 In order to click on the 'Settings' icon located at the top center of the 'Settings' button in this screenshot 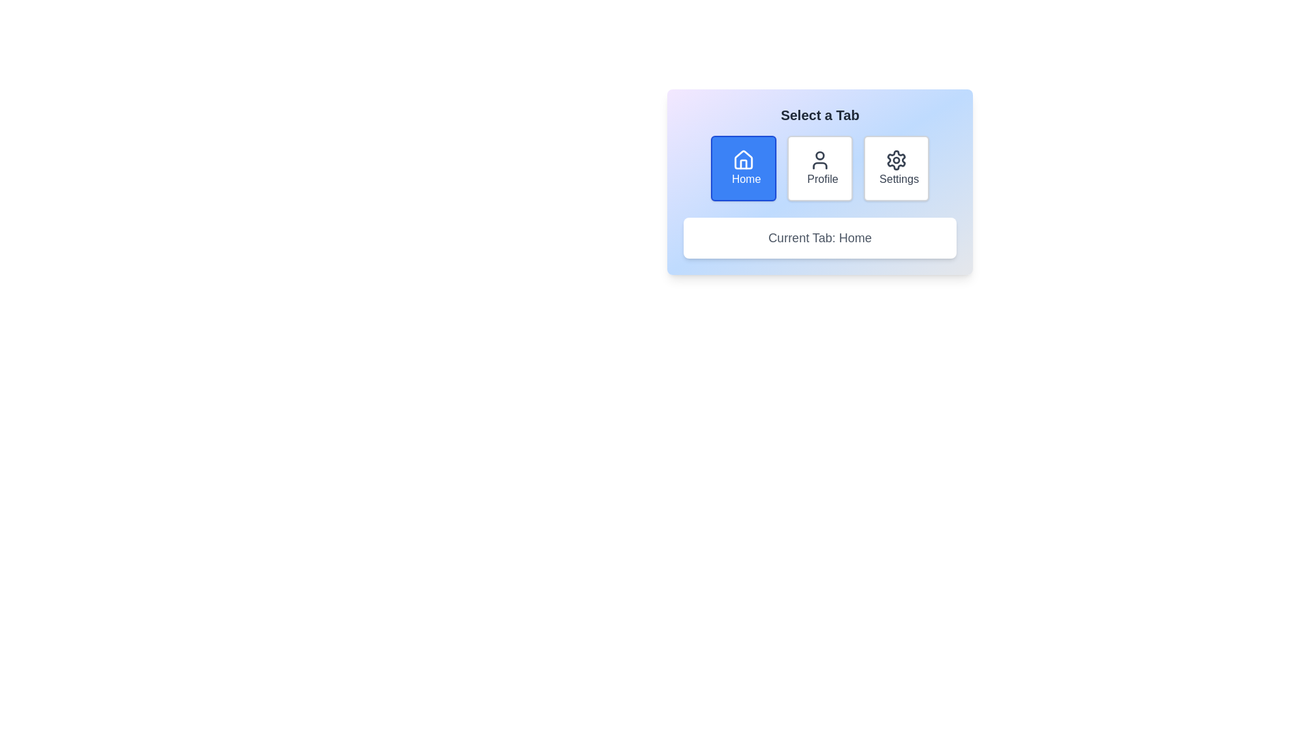, I will do `click(897, 160)`.